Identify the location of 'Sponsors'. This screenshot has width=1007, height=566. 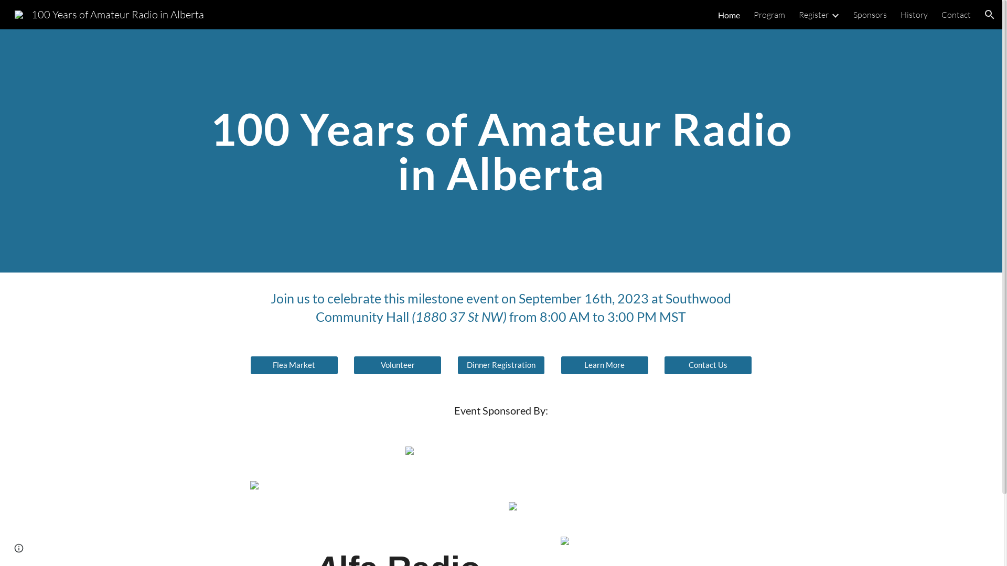
(853, 14).